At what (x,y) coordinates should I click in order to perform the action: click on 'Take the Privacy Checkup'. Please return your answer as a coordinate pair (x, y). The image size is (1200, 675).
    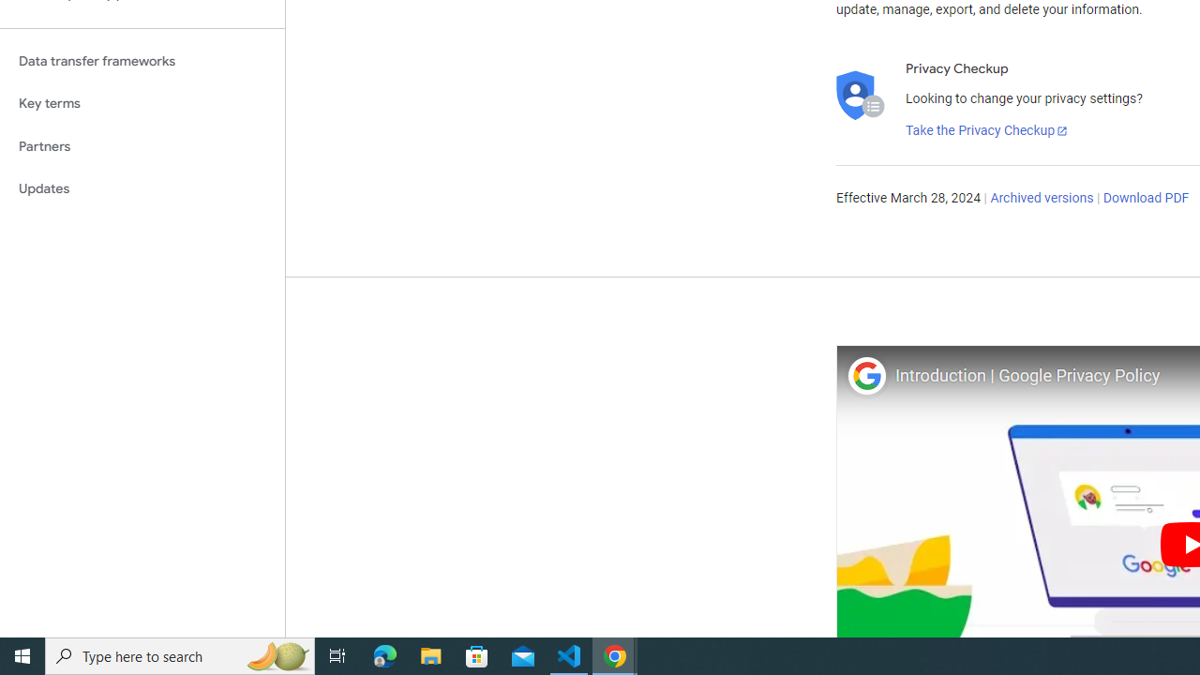
    Looking at the image, I should click on (986, 130).